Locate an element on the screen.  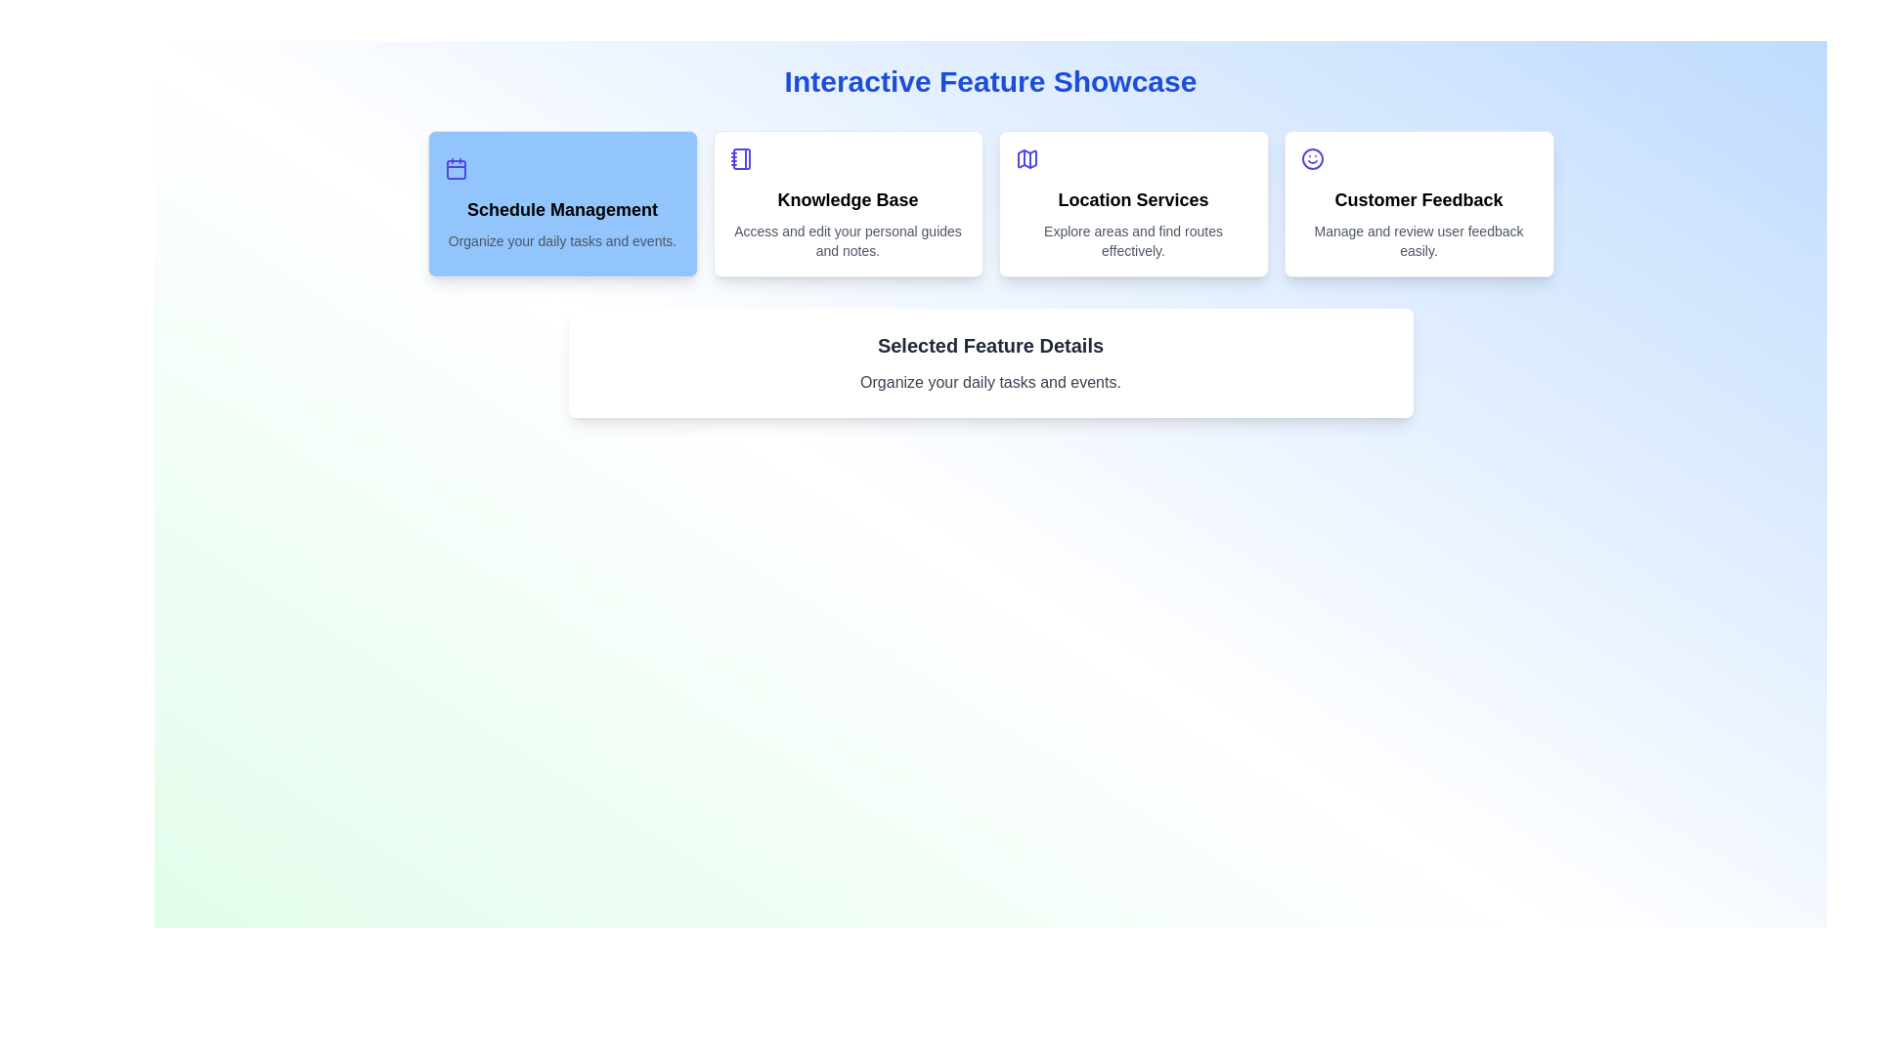
the text label displaying 'Organize your daily tasks and events.' located below the 'Schedule Management' title in the blue card is located at coordinates (561, 239).